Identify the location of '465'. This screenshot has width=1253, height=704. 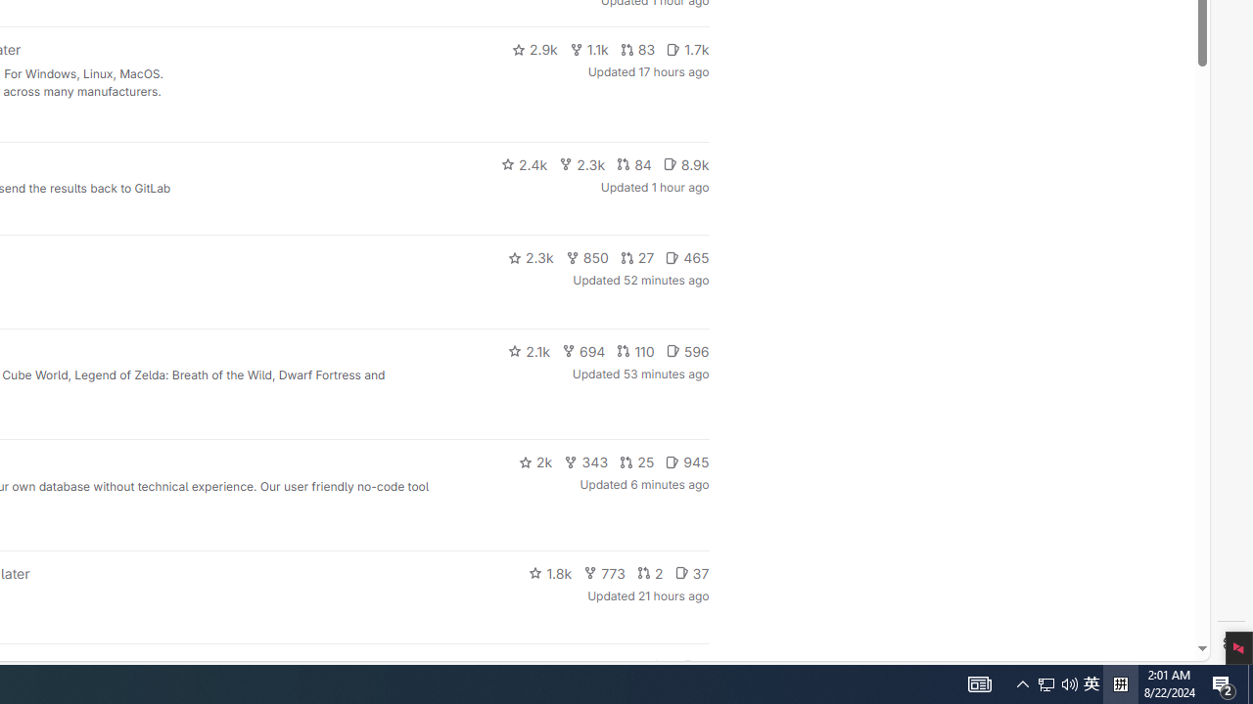
(687, 256).